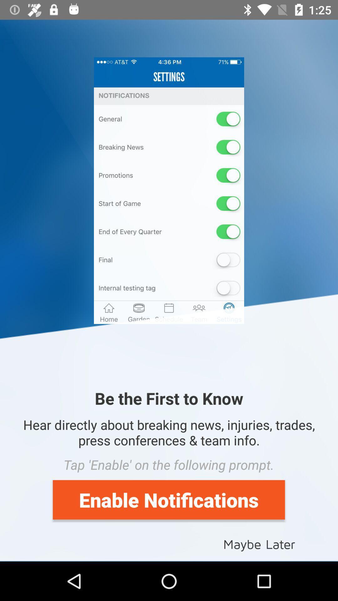  I want to click on enable notifications item, so click(168, 499).